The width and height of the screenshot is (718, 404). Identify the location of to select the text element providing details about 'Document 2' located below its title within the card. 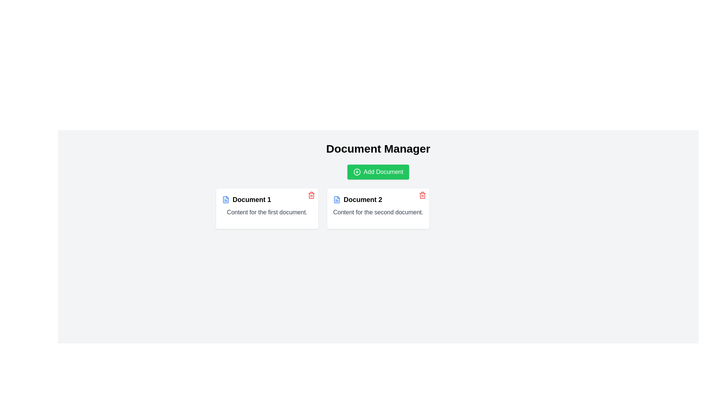
(378, 212).